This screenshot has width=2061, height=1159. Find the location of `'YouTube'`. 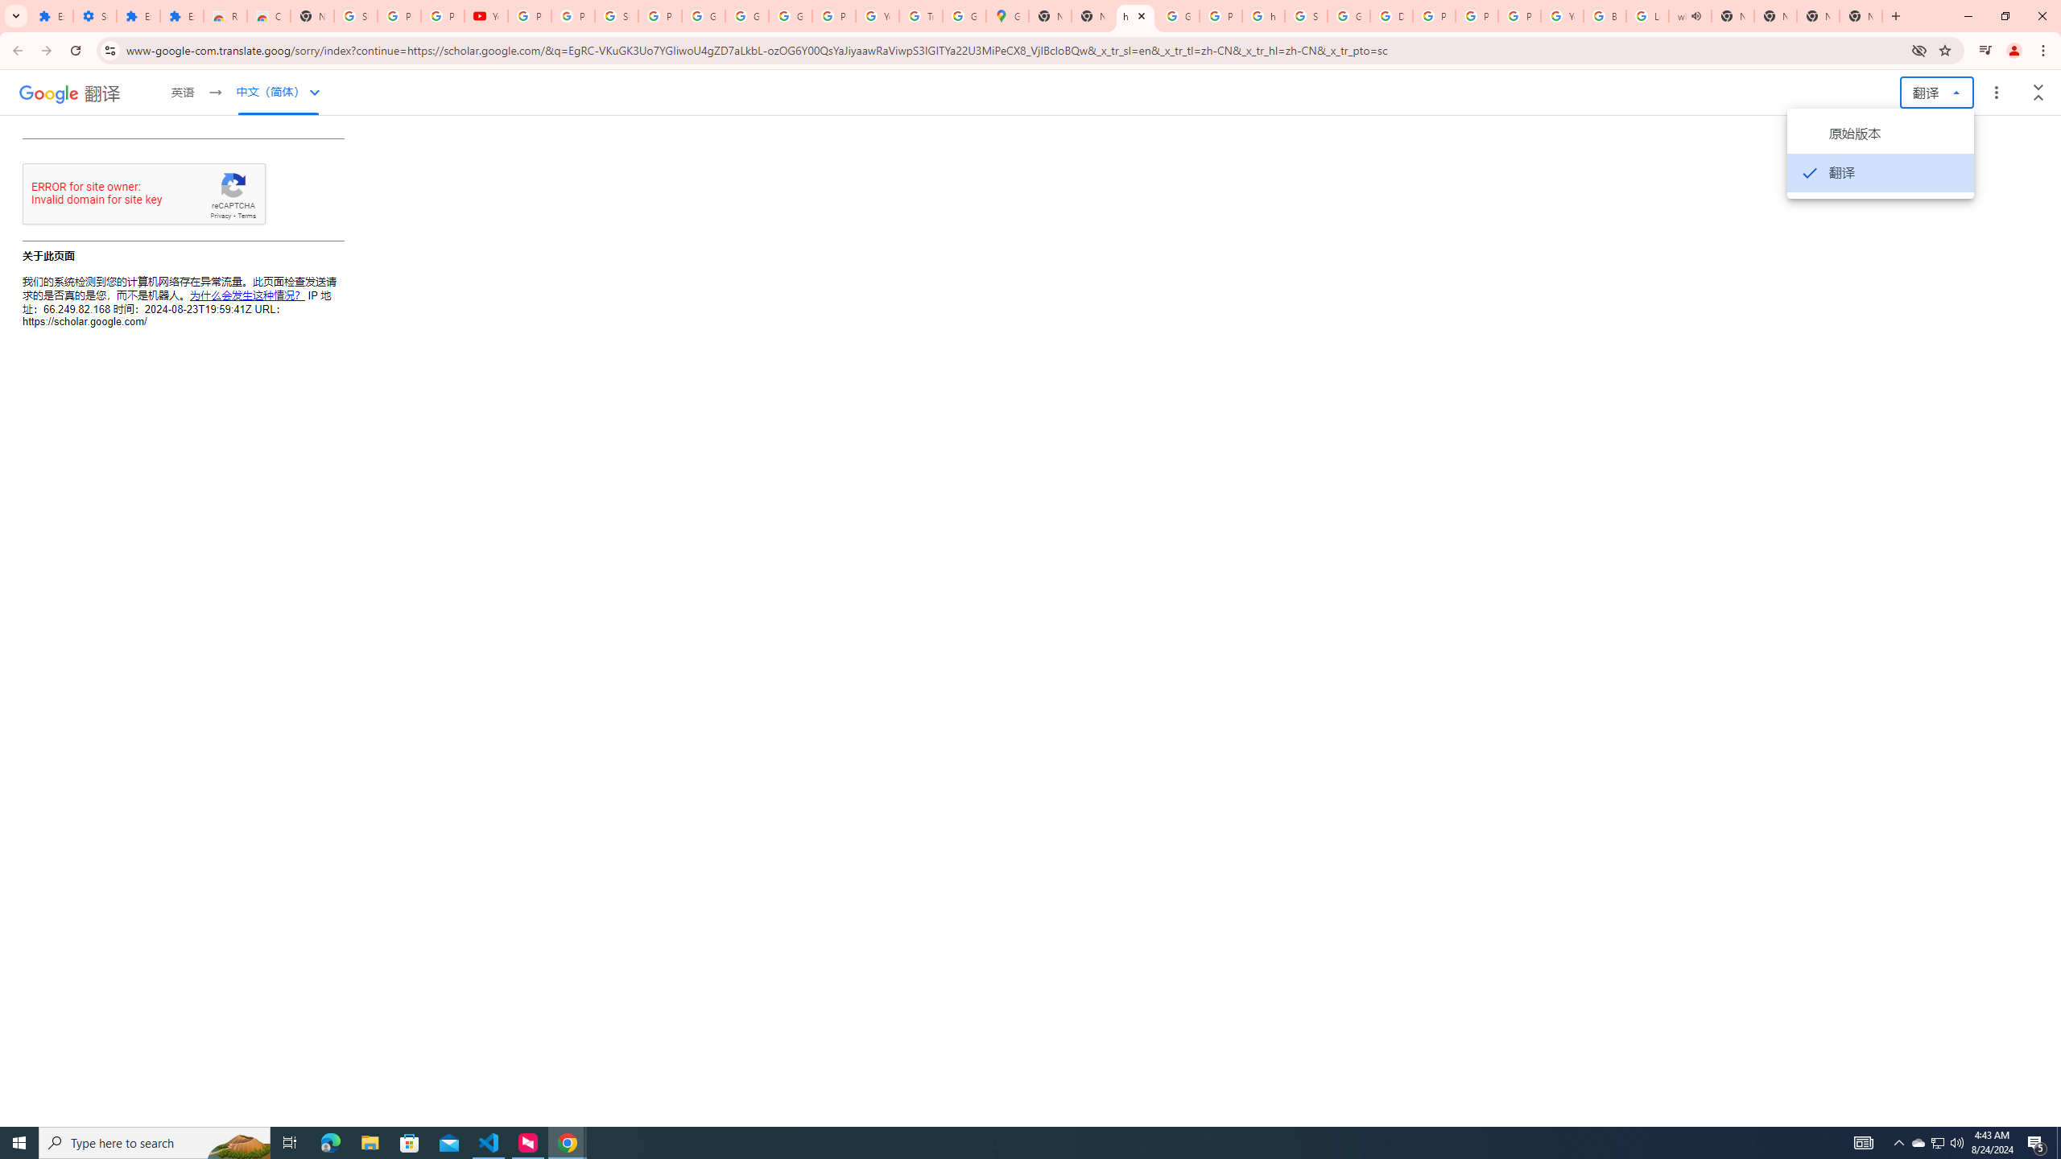

'YouTube' is located at coordinates (485, 15).